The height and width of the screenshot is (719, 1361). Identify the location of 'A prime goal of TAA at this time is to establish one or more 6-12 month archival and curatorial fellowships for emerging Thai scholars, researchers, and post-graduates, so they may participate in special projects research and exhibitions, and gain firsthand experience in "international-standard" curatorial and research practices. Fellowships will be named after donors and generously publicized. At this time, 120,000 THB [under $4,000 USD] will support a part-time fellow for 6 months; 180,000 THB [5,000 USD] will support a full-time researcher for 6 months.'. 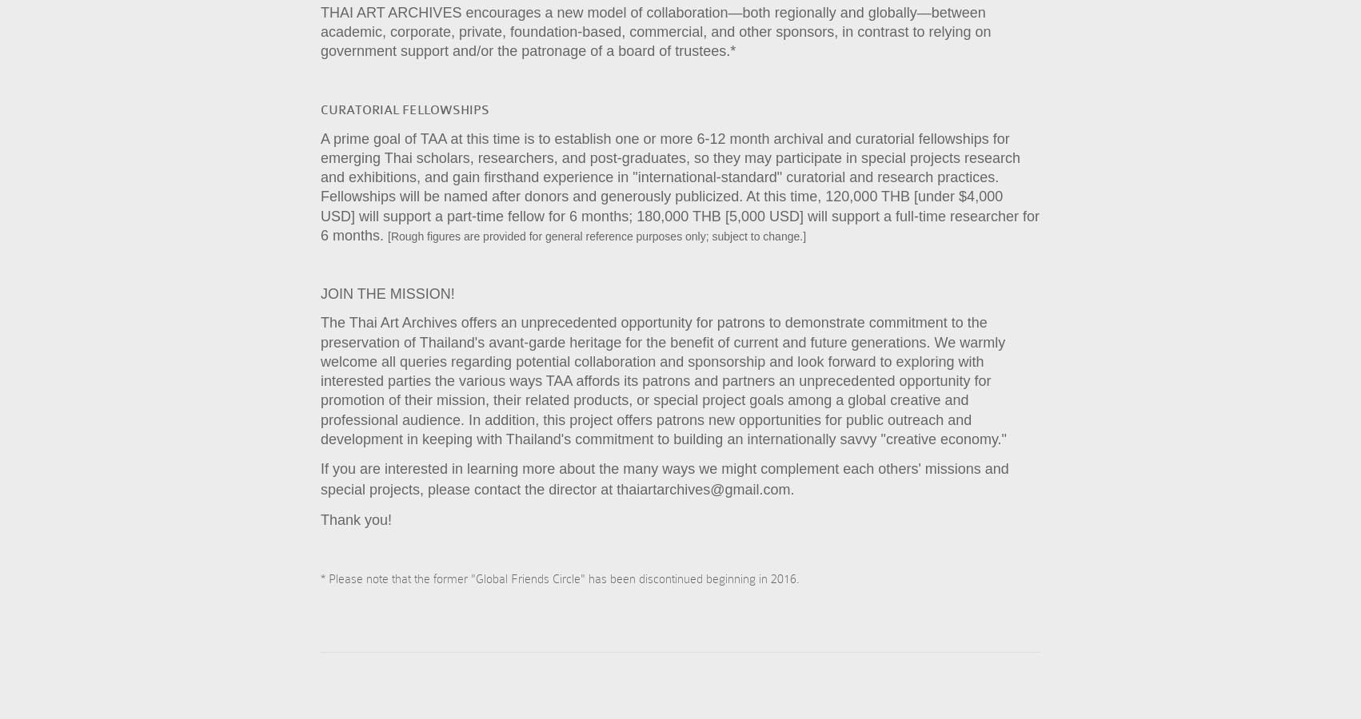
(679, 186).